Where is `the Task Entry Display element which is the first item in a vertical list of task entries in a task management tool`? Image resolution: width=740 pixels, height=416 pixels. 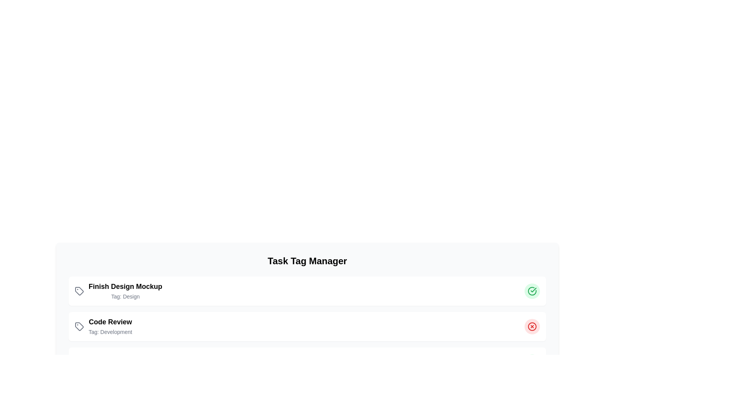
the Task Entry Display element which is the first item in a vertical list of task entries in a task management tool is located at coordinates (118, 291).